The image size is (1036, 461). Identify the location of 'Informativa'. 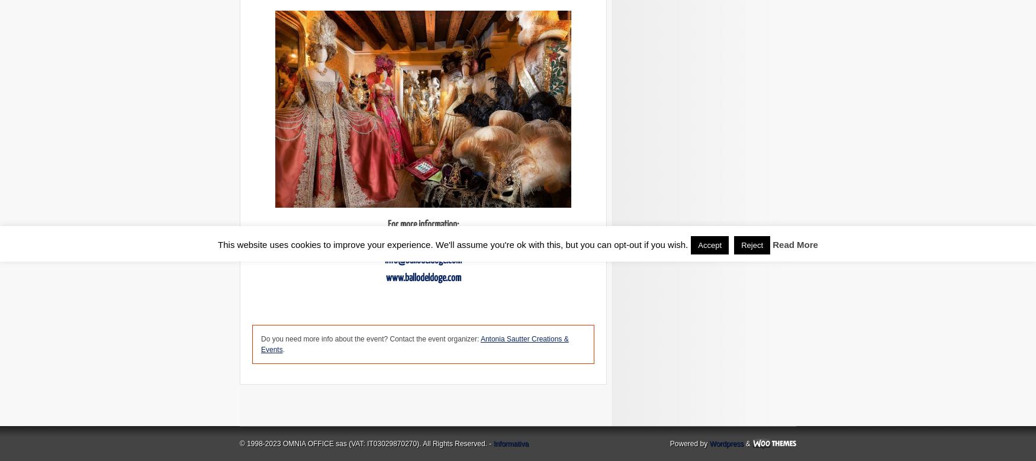
(510, 443).